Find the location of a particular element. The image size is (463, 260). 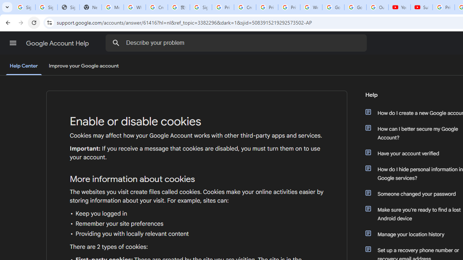

'Welcome to My Activity' is located at coordinates (311, 7).